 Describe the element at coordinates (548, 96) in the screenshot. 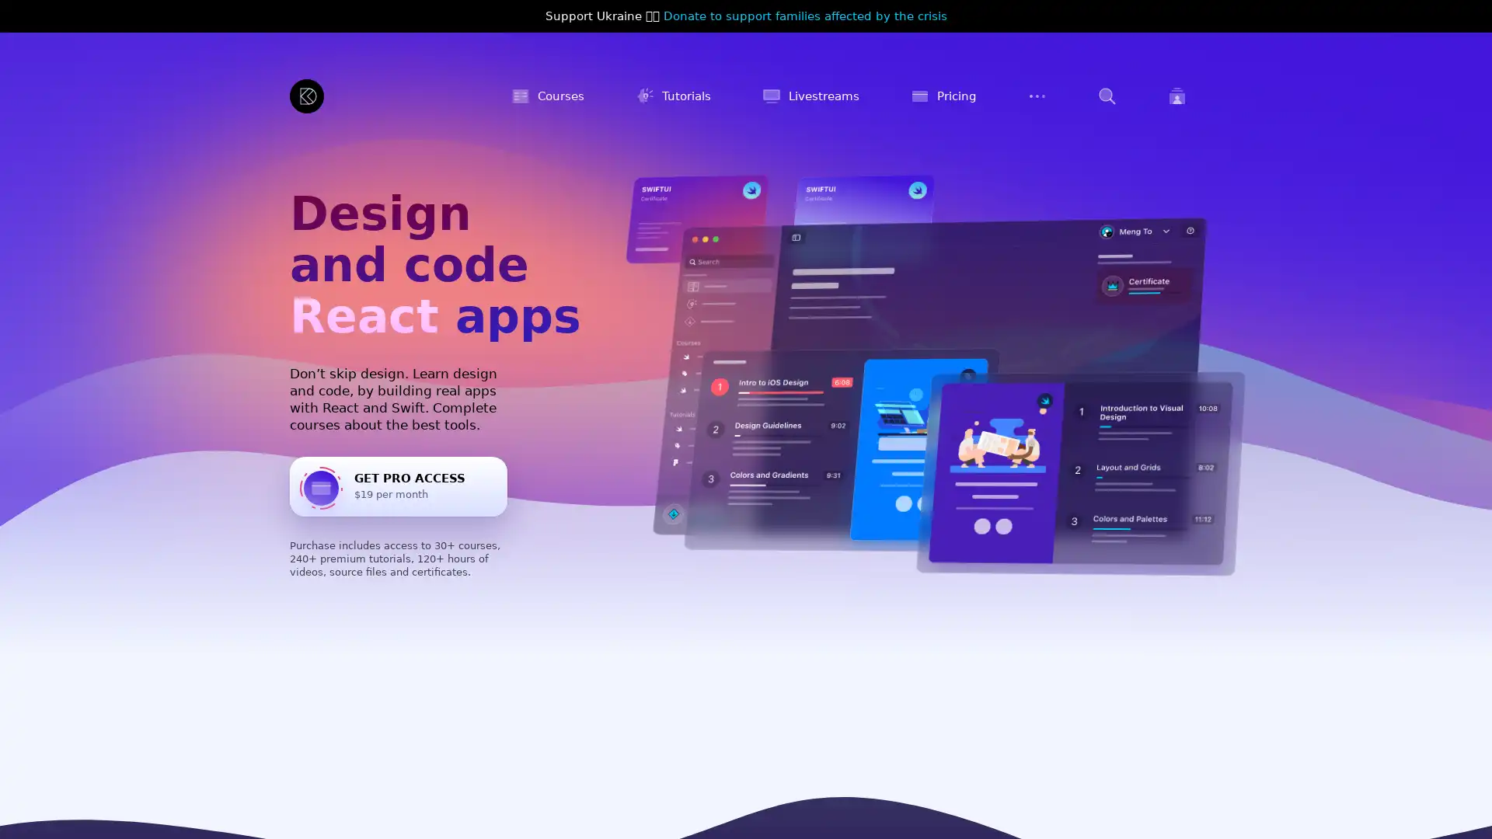

I see `Courses icon Courses` at that location.